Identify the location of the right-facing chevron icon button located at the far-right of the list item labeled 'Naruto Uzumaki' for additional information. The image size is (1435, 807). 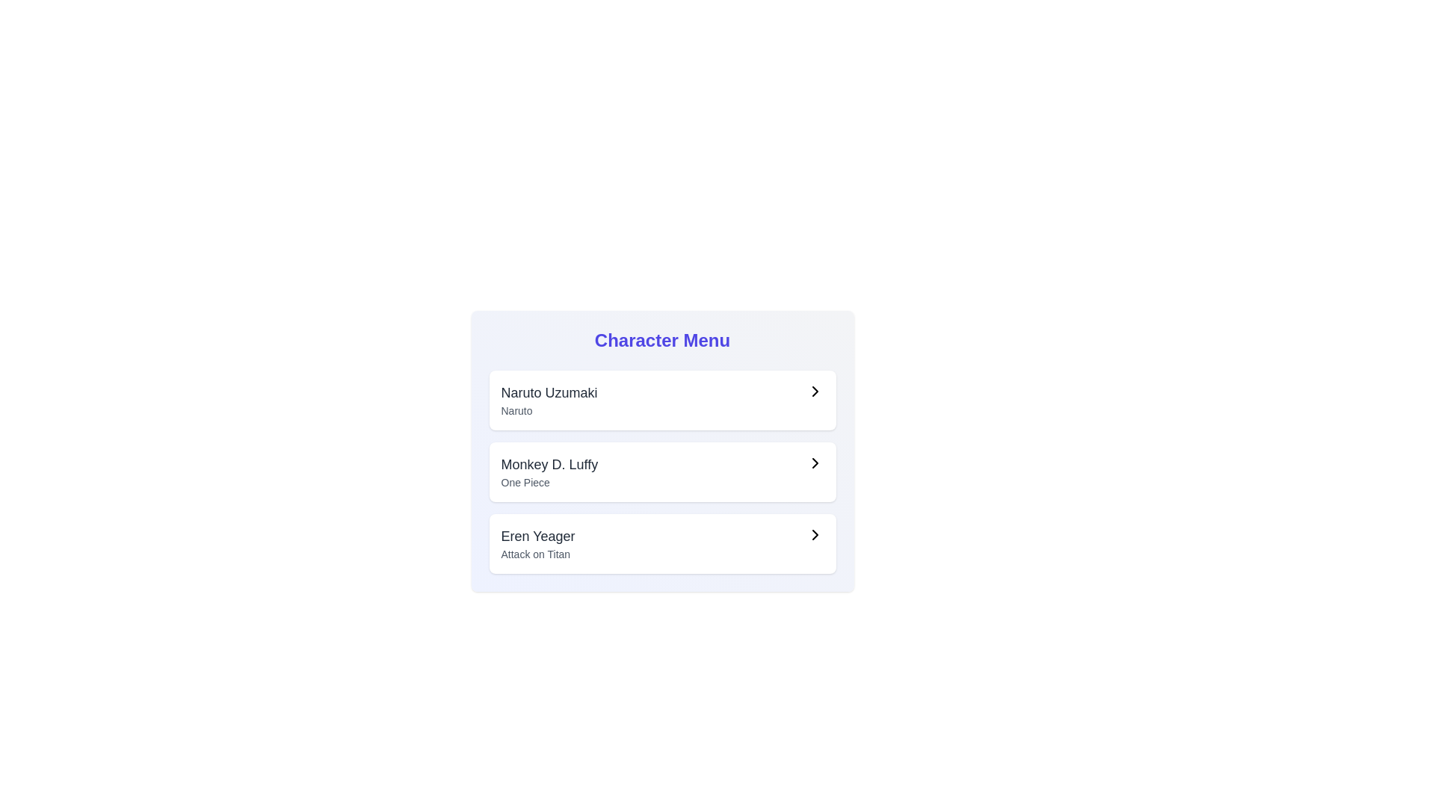
(814, 391).